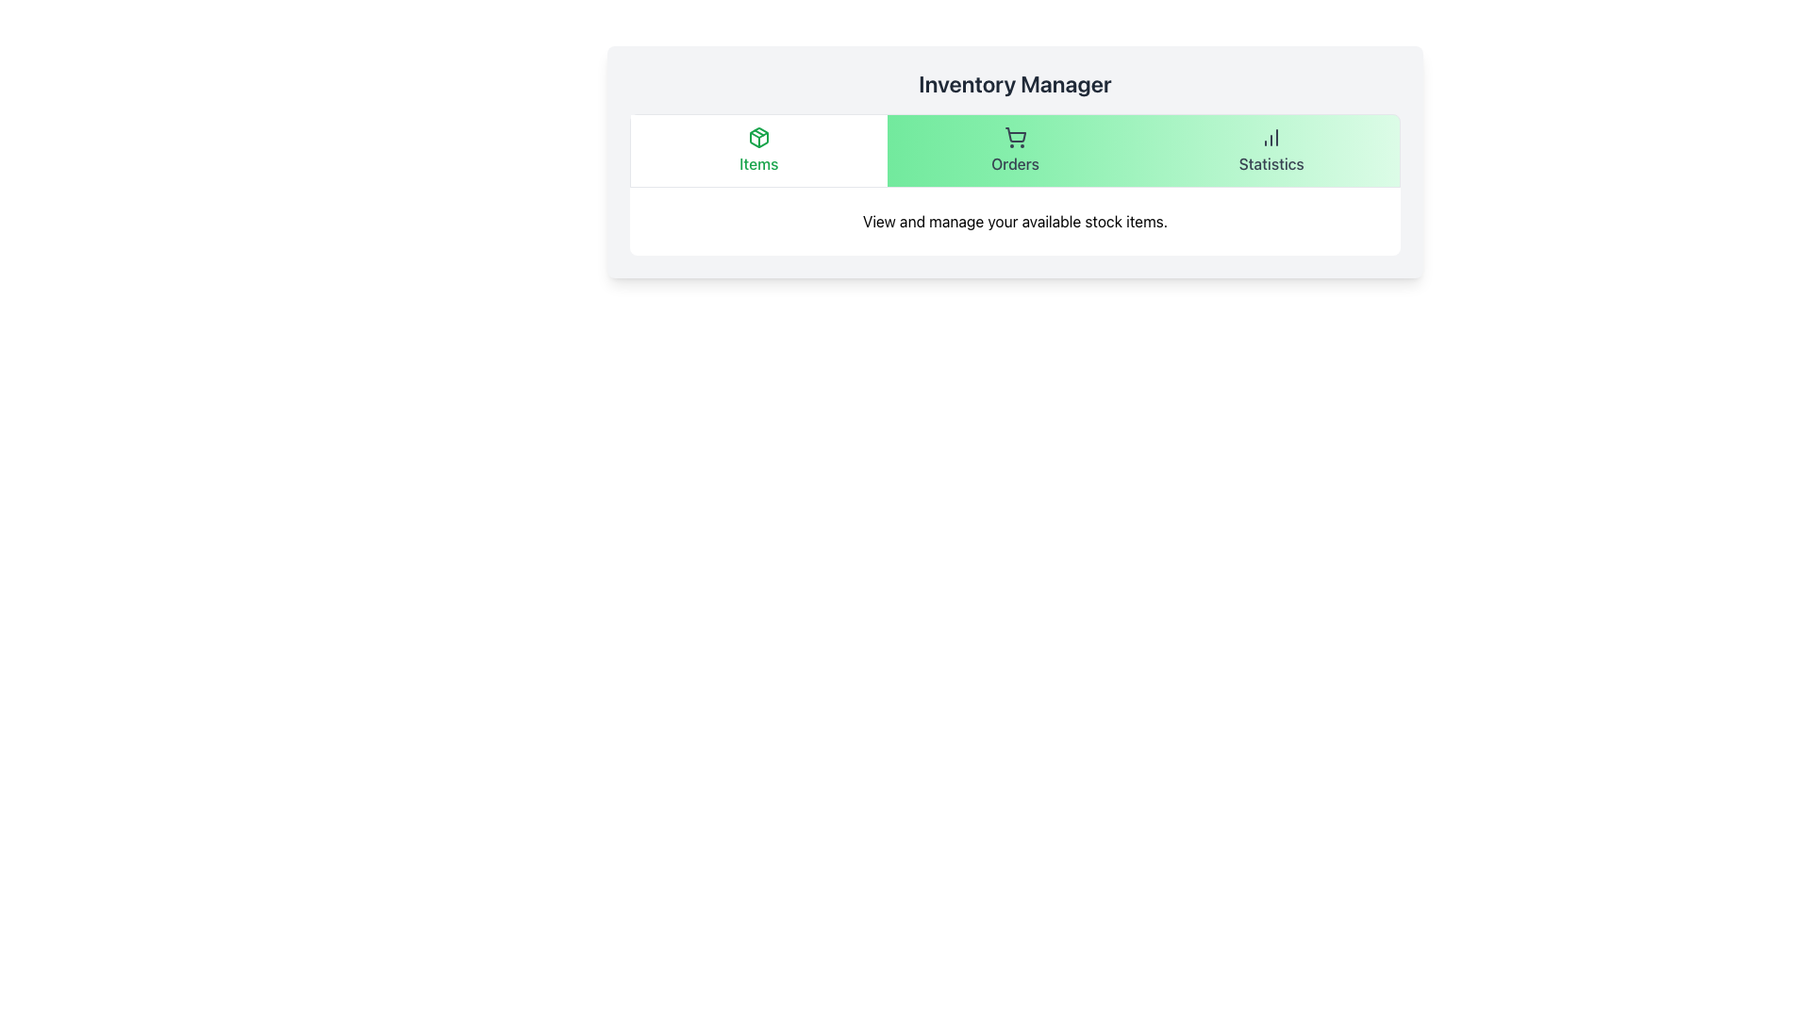  What do you see at coordinates (1014, 149) in the screenshot?
I see `the 'Orders' segment of the interactive navigation bar` at bounding box center [1014, 149].